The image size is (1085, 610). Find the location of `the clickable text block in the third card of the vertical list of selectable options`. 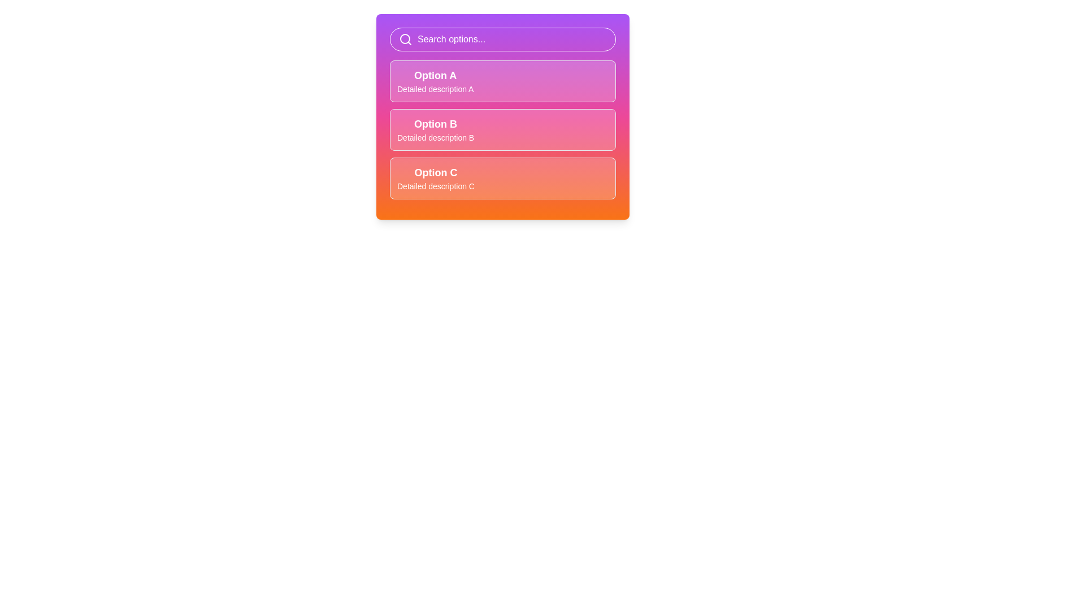

the clickable text block in the third card of the vertical list of selectable options is located at coordinates (435, 178).